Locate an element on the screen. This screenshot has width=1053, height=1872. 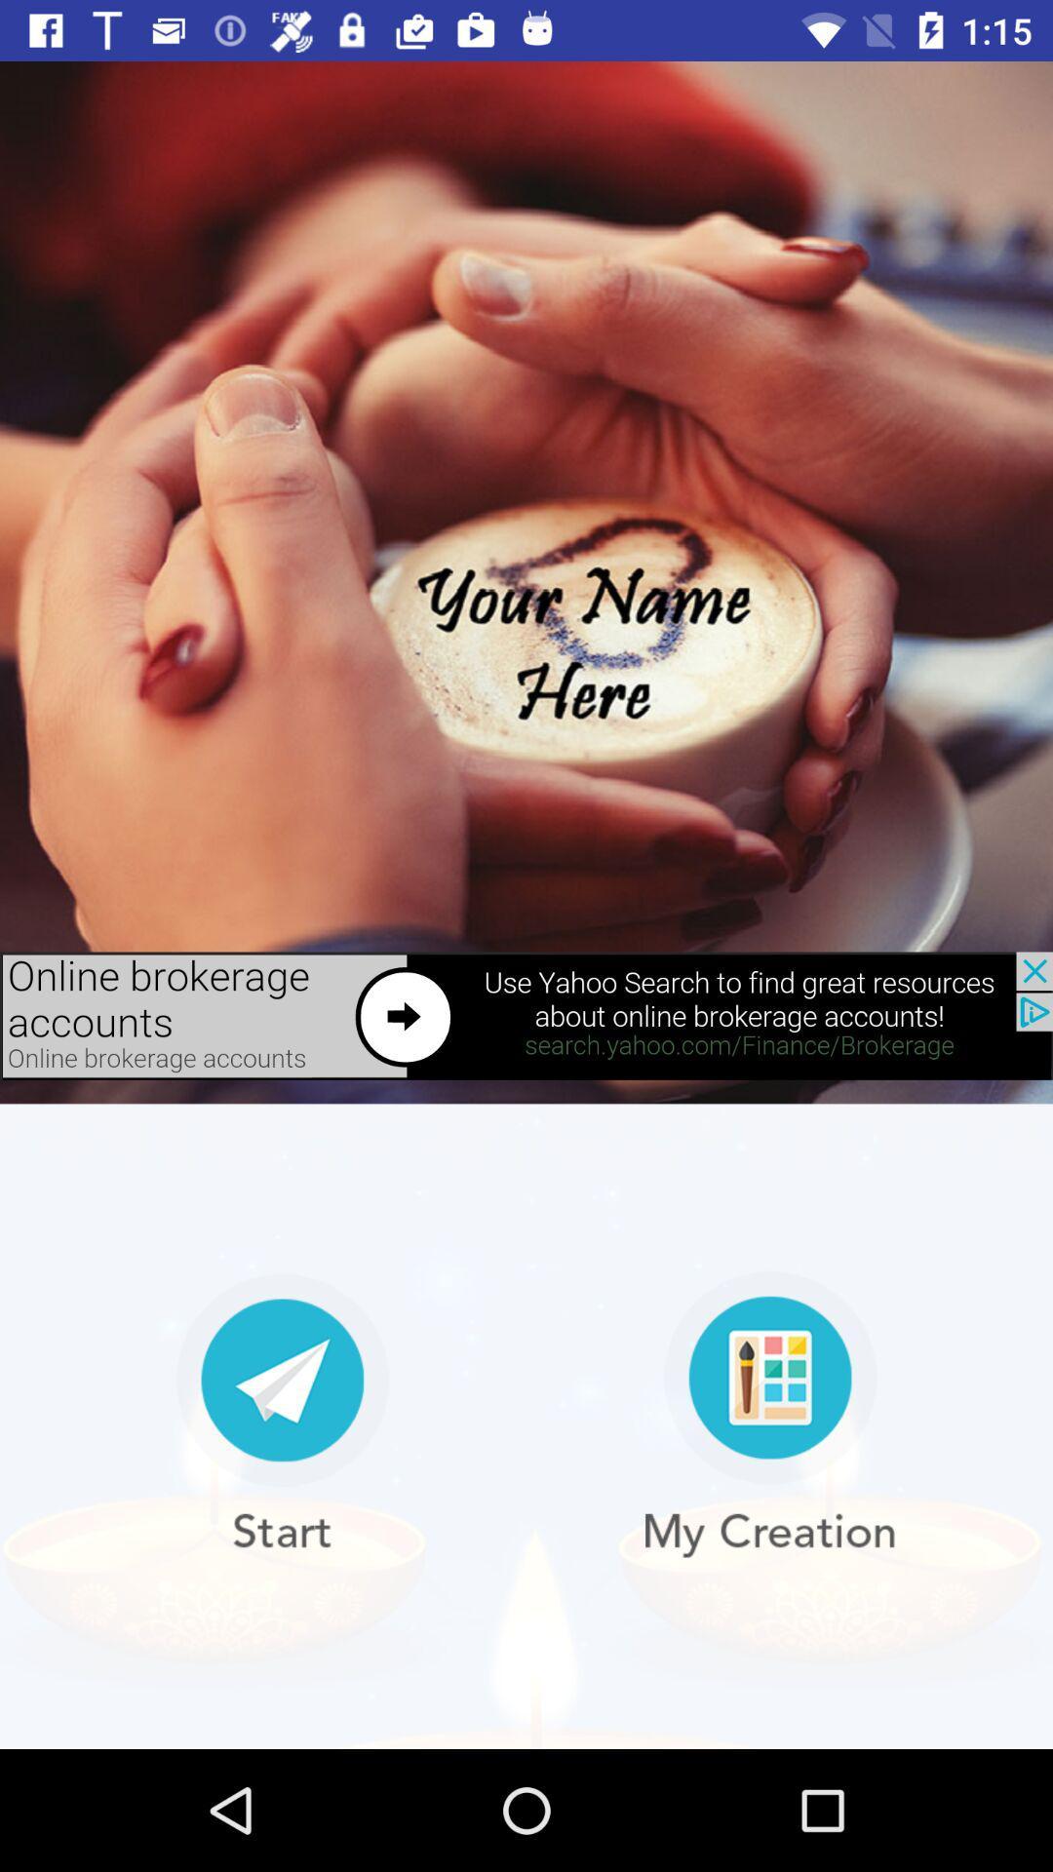
open advertisement is located at coordinates (526, 1015).